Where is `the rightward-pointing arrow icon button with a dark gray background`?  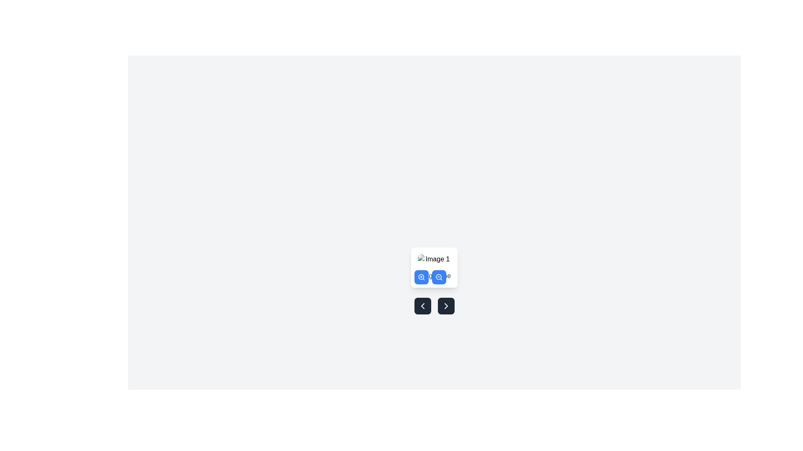 the rightward-pointing arrow icon button with a dark gray background is located at coordinates (445, 306).